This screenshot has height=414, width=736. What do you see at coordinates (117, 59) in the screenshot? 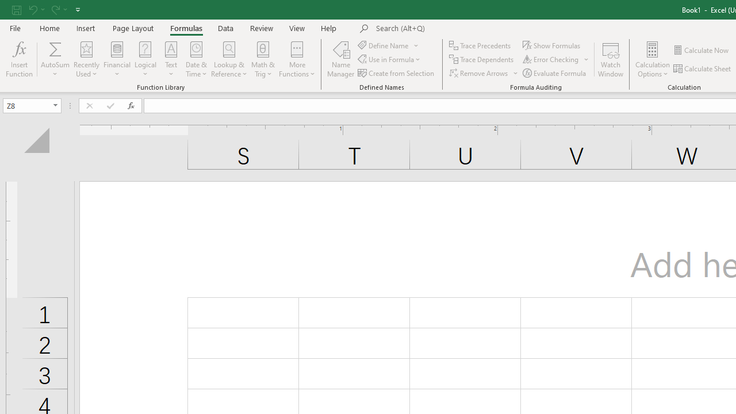
I see `'Financial'` at bounding box center [117, 59].